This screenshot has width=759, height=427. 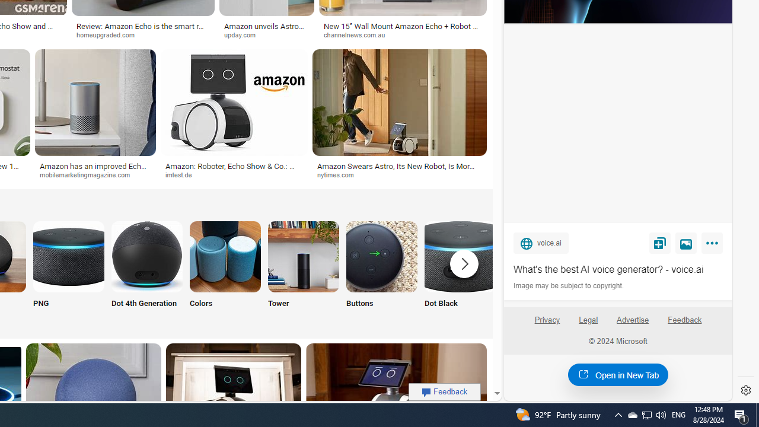 What do you see at coordinates (243, 34) in the screenshot?
I see `'upday.com'` at bounding box center [243, 34].